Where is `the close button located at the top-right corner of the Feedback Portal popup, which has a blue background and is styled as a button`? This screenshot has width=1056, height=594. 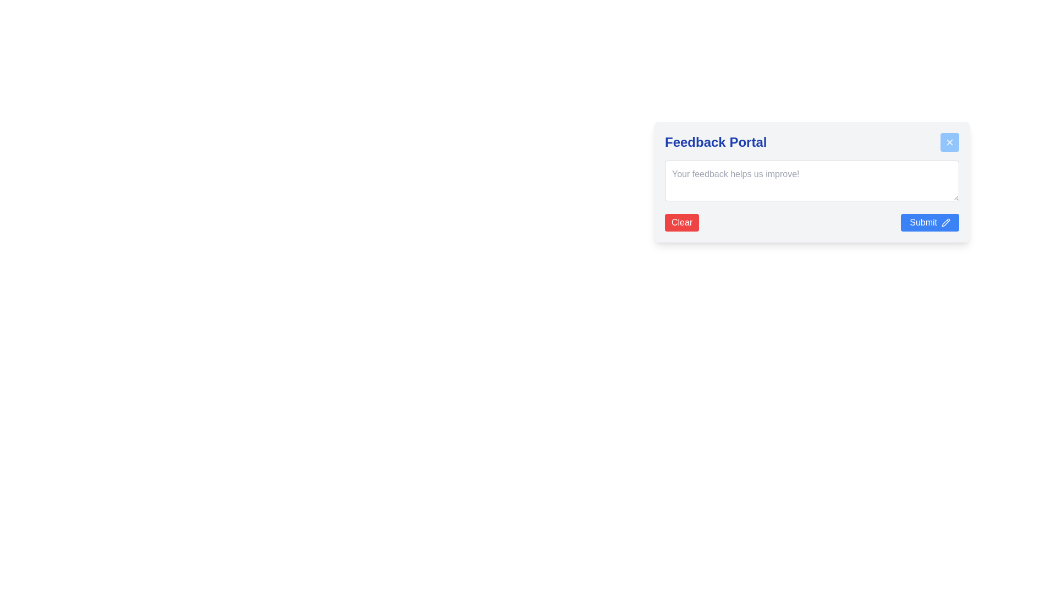
the close button located at the top-right corner of the Feedback Portal popup, which has a blue background and is styled as a button is located at coordinates (949, 141).